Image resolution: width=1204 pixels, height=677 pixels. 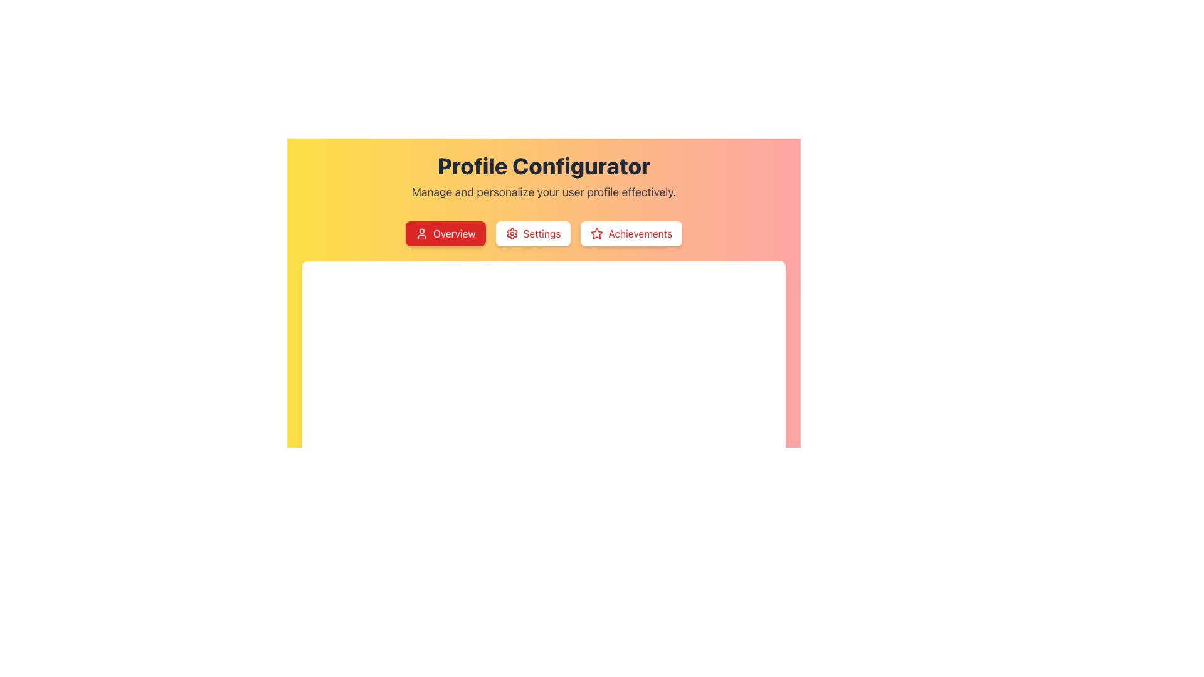 I want to click on the 'Settings' button, which is a rounded rectangular button with a white background and red text labeled 'Settings', featuring a gear icon on its left side, so click(x=533, y=234).